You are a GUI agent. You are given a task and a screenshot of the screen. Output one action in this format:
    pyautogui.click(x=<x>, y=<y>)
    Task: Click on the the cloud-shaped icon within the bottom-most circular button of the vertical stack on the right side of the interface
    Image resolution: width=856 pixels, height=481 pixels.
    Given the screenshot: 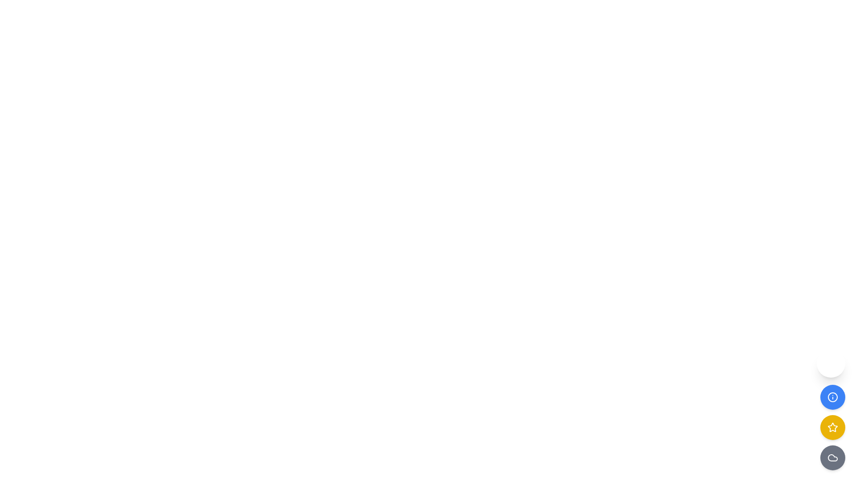 What is the action you would take?
    pyautogui.click(x=832, y=458)
    